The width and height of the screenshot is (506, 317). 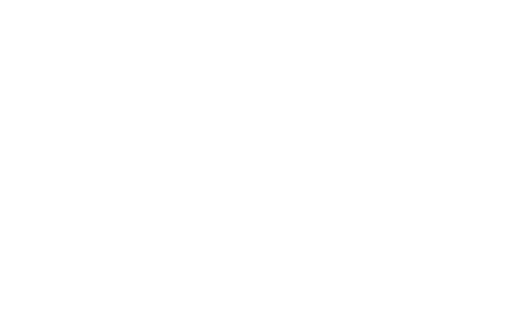 What do you see at coordinates (239, 201) in the screenshot?
I see `'Share your experiences with us'` at bounding box center [239, 201].